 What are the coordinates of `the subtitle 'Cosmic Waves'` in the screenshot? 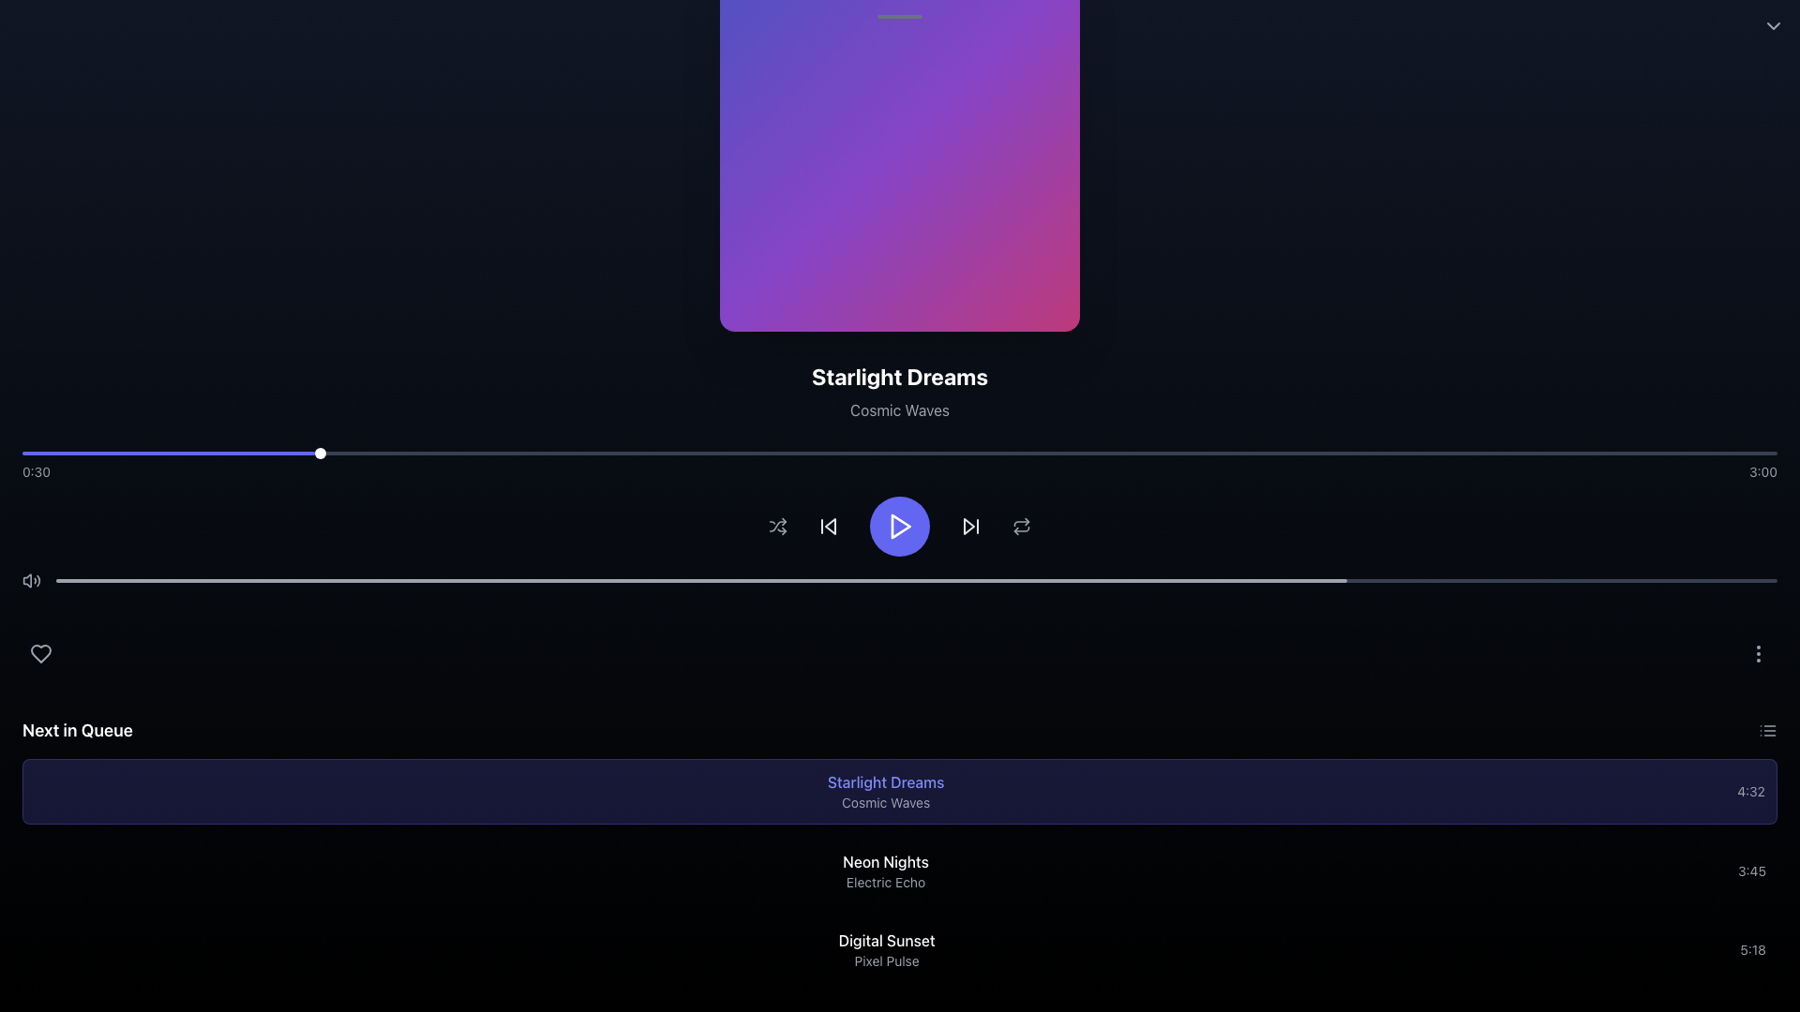 It's located at (885, 801).